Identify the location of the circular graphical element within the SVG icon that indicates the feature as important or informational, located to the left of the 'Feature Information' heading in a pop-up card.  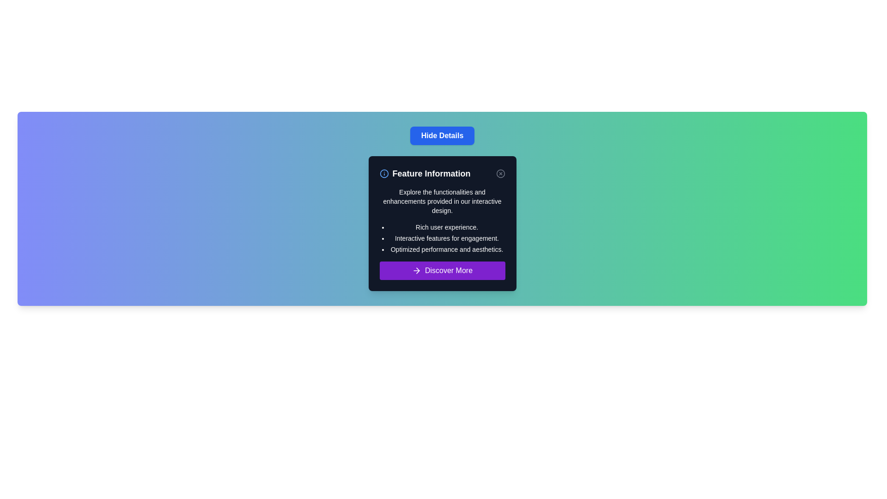
(384, 173).